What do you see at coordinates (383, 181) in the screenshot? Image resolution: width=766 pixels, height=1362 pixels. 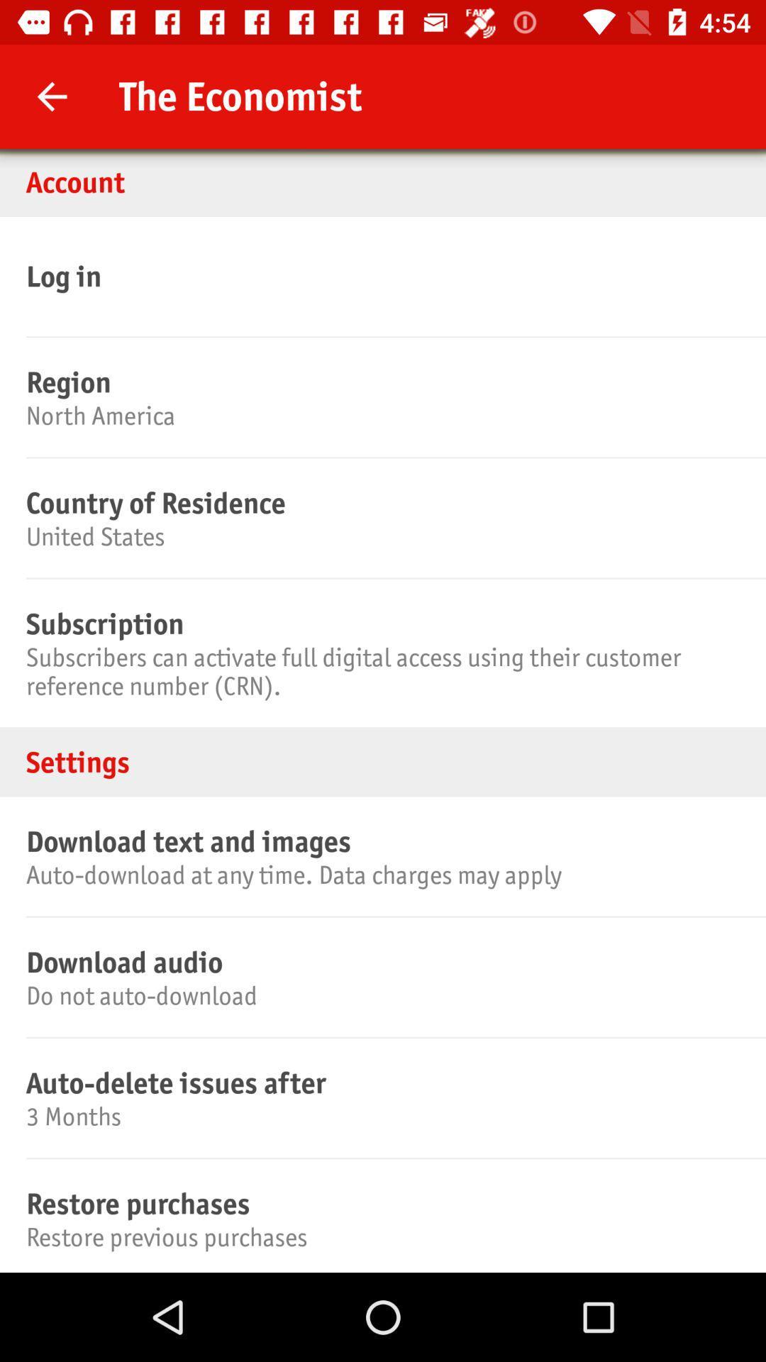 I see `the item above the log in` at bounding box center [383, 181].